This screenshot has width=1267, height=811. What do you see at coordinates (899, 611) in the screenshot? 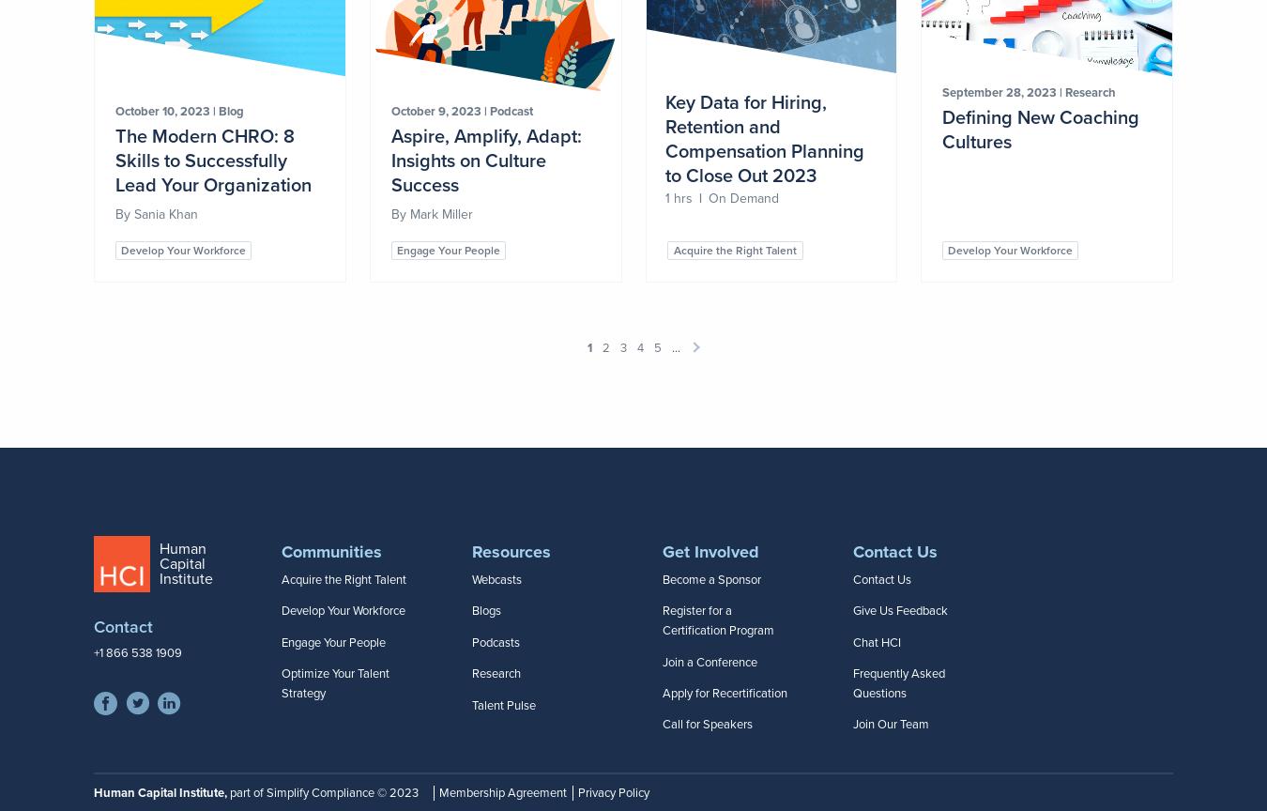
I see `'Give Us Feedback'` at bounding box center [899, 611].